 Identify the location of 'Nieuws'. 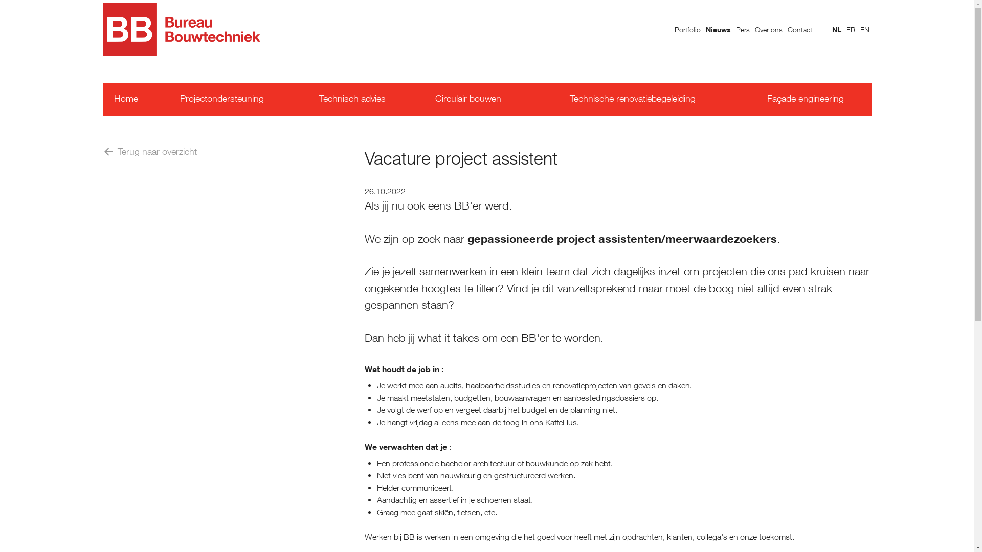
(702, 29).